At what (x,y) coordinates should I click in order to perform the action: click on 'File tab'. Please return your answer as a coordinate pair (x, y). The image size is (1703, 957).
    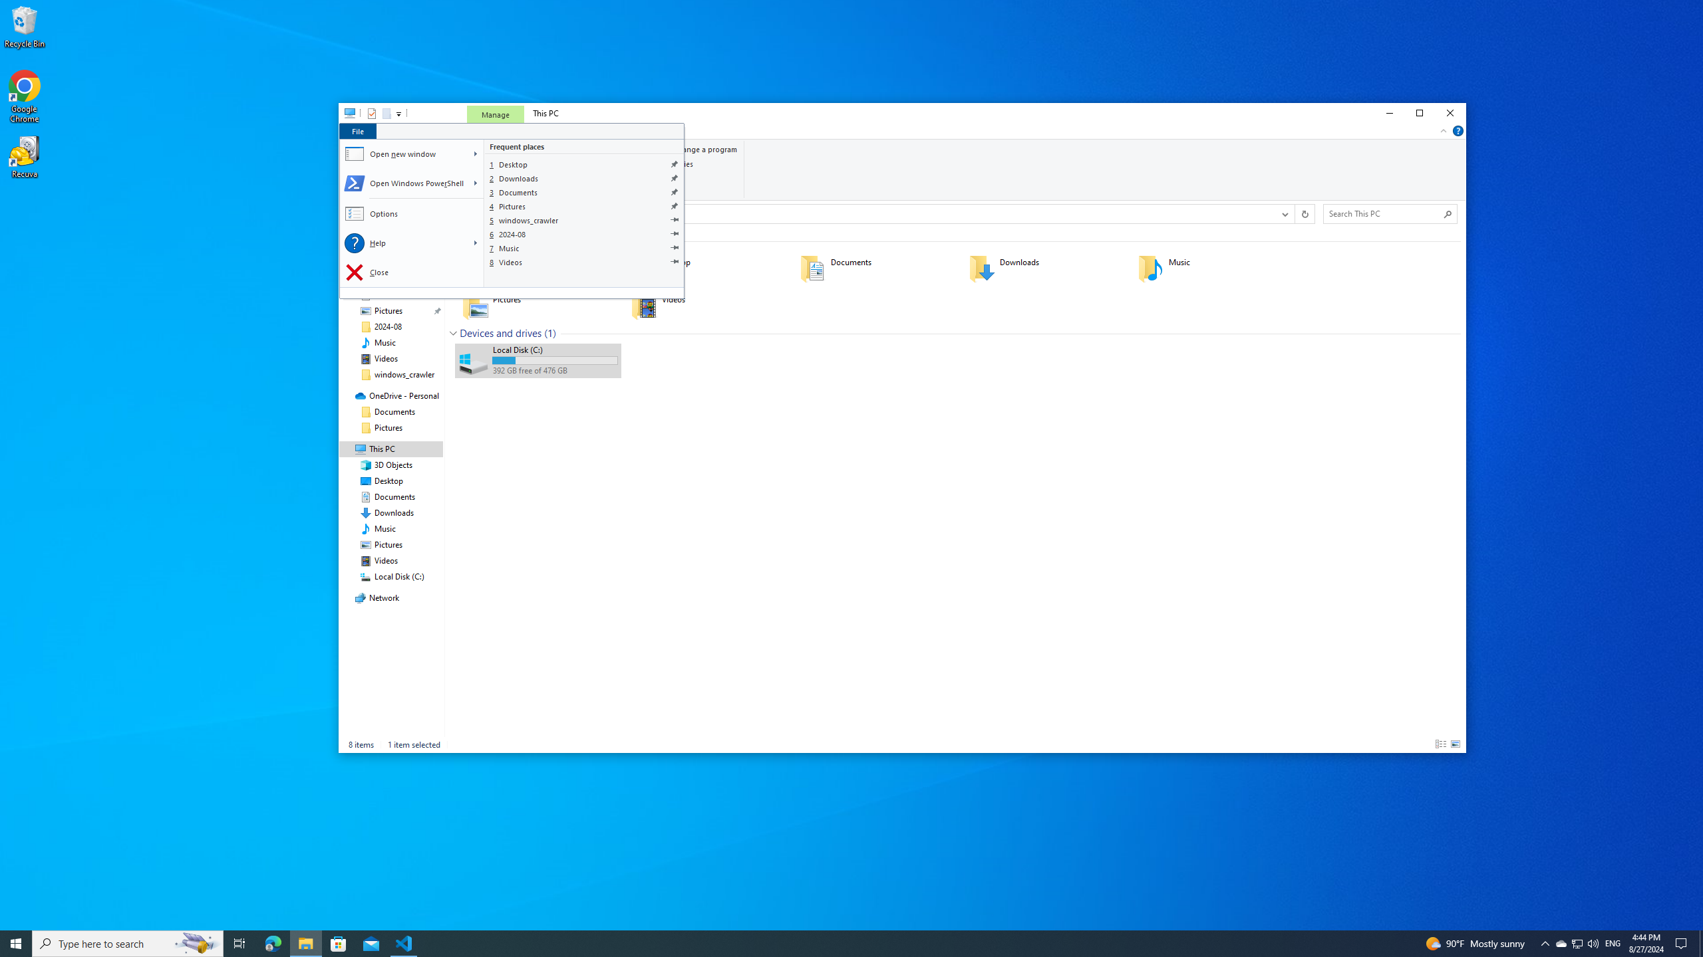
    Looking at the image, I should click on (357, 130).